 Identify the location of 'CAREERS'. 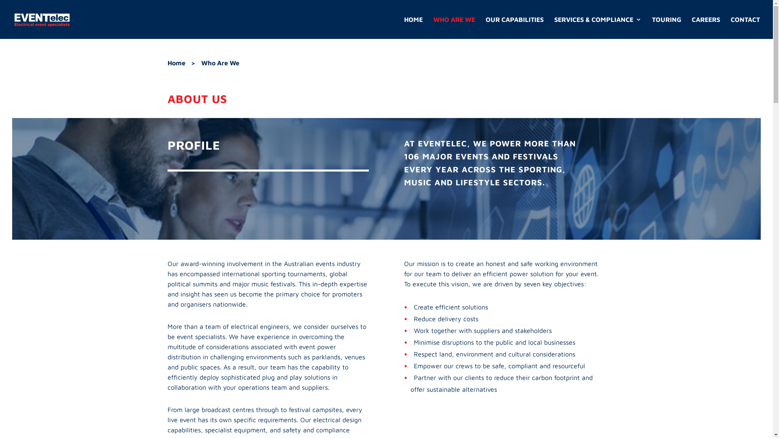
(691, 27).